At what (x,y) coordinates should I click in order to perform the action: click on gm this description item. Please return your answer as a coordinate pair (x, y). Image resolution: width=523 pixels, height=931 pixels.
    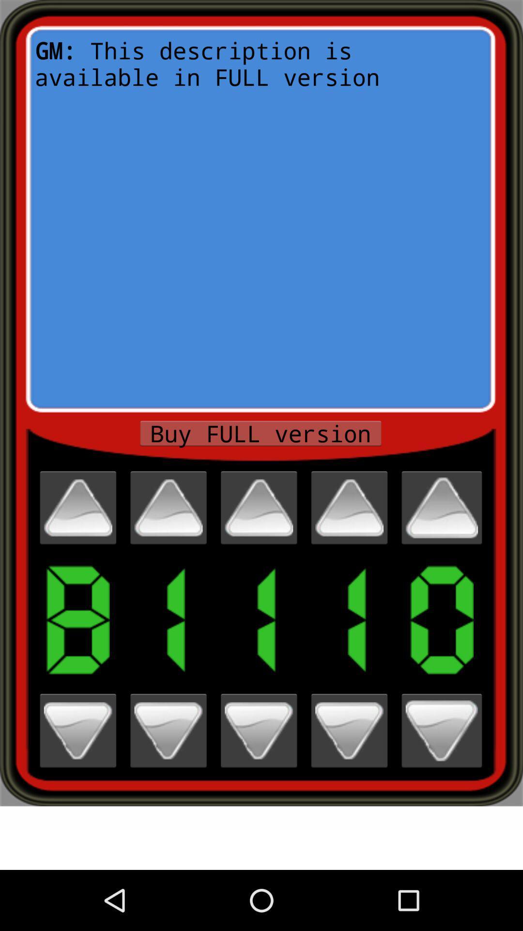
    Looking at the image, I should click on (260, 218).